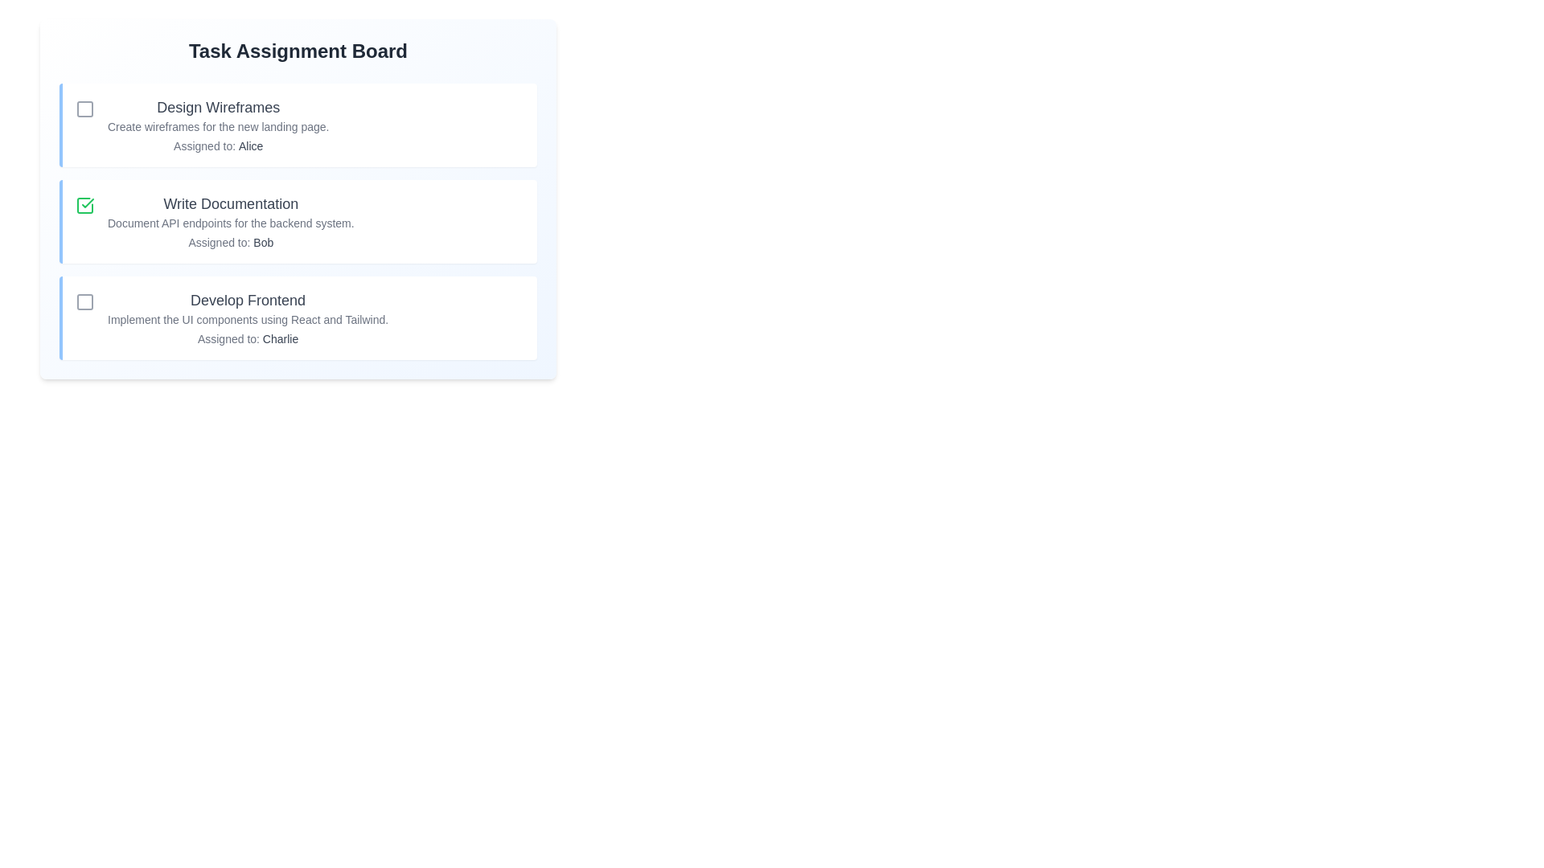 This screenshot has height=868, width=1544. Describe the element at coordinates (247, 319) in the screenshot. I see `the static text element that reads 'Implement the UI components using React and Tailwind.', located between the title 'Develop Frontend' and the text 'Assigned to: Charlie'` at that location.